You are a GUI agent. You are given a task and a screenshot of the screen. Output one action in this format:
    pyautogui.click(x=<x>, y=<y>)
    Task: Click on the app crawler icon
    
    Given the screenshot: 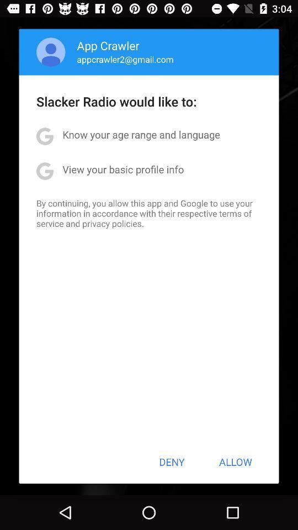 What is the action you would take?
    pyautogui.click(x=108, y=45)
    